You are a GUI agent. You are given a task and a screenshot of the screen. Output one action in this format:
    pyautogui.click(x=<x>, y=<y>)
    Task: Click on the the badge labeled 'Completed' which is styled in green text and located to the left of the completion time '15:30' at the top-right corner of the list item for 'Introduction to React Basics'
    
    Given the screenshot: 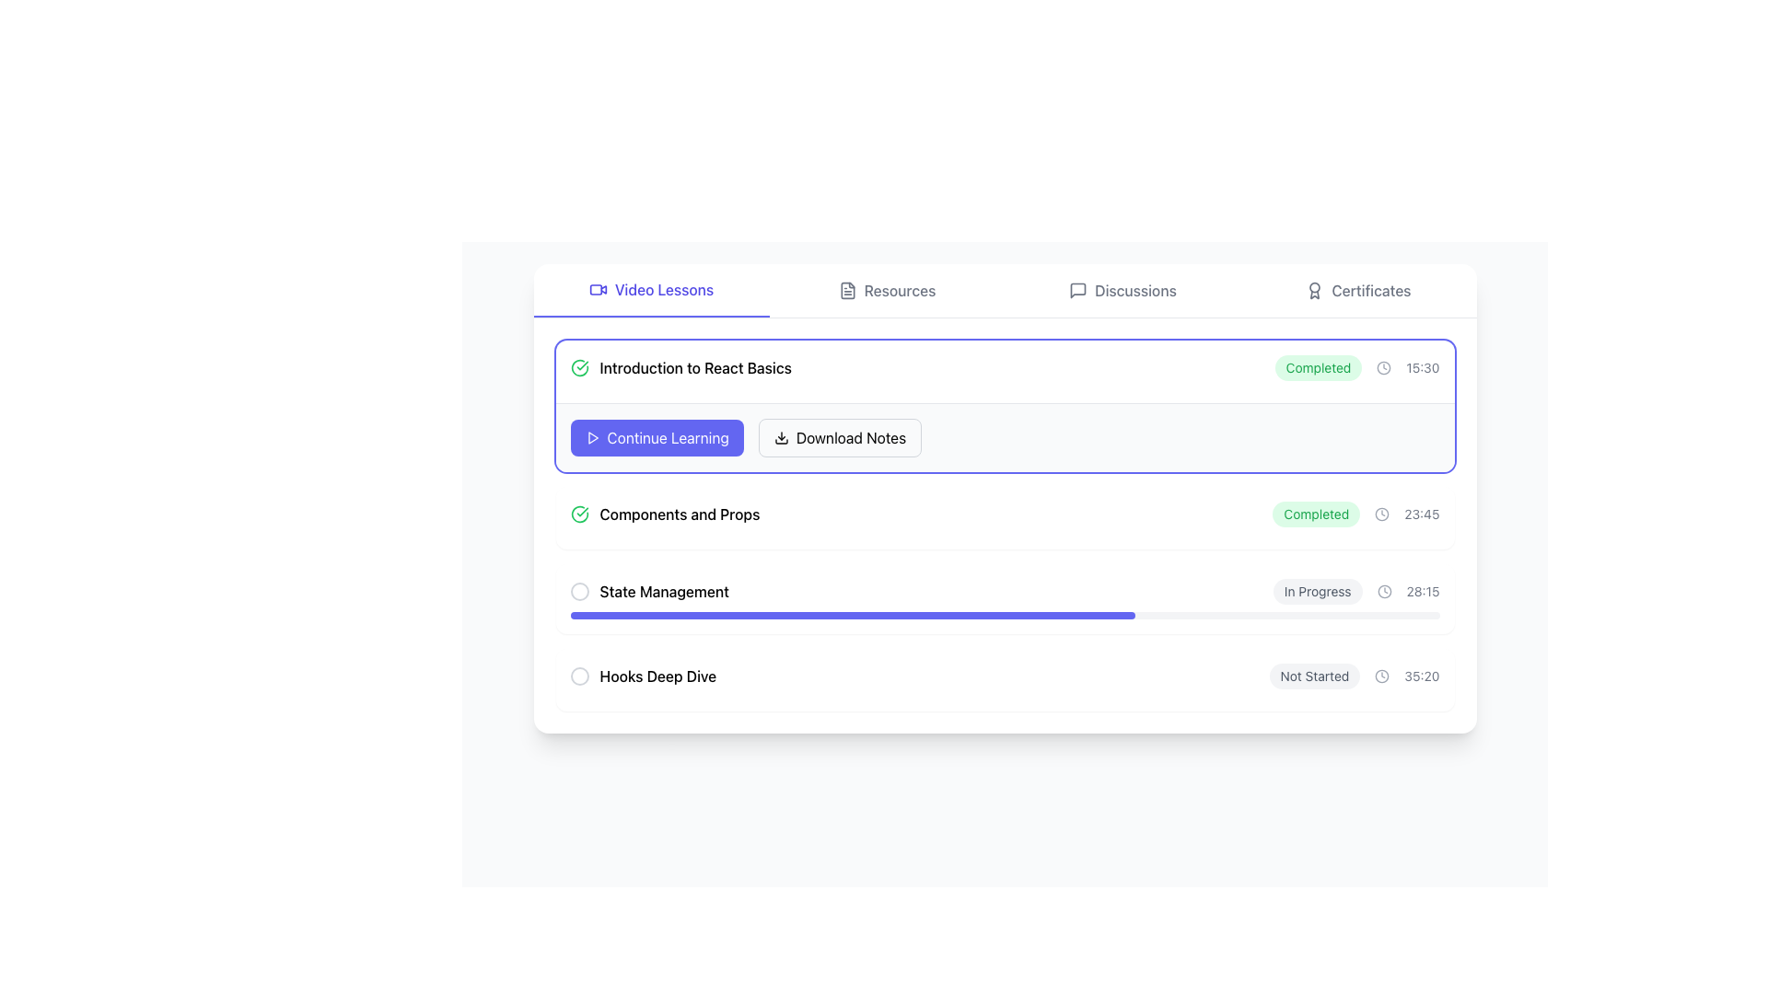 What is the action you would take?
    pyautogui.click(x=1317, y=368)
    